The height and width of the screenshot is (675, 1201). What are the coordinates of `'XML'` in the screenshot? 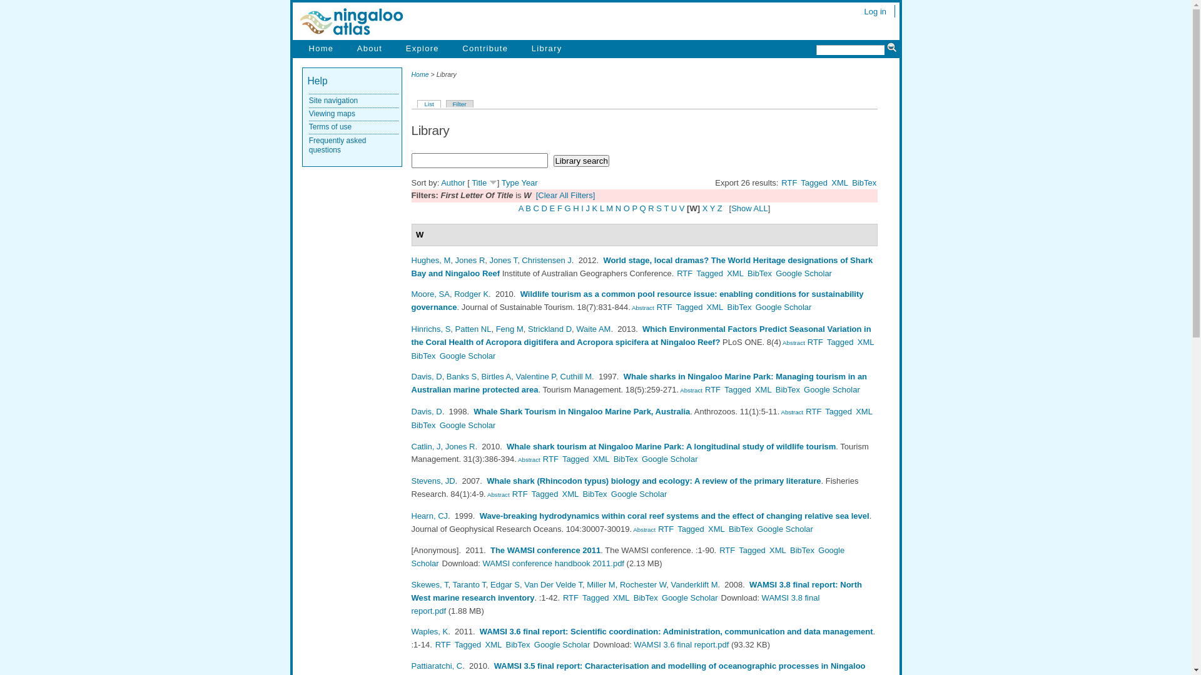 It's located at (839, 182).